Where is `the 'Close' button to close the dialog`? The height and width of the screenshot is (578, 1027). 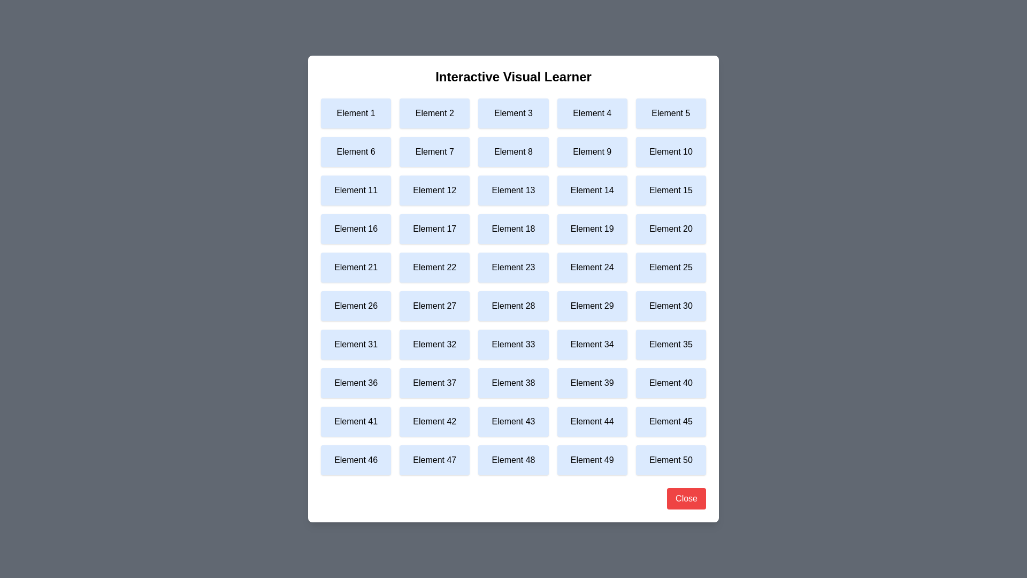 the 'Close' button to close the dialog is located at coordinates (686, 499).